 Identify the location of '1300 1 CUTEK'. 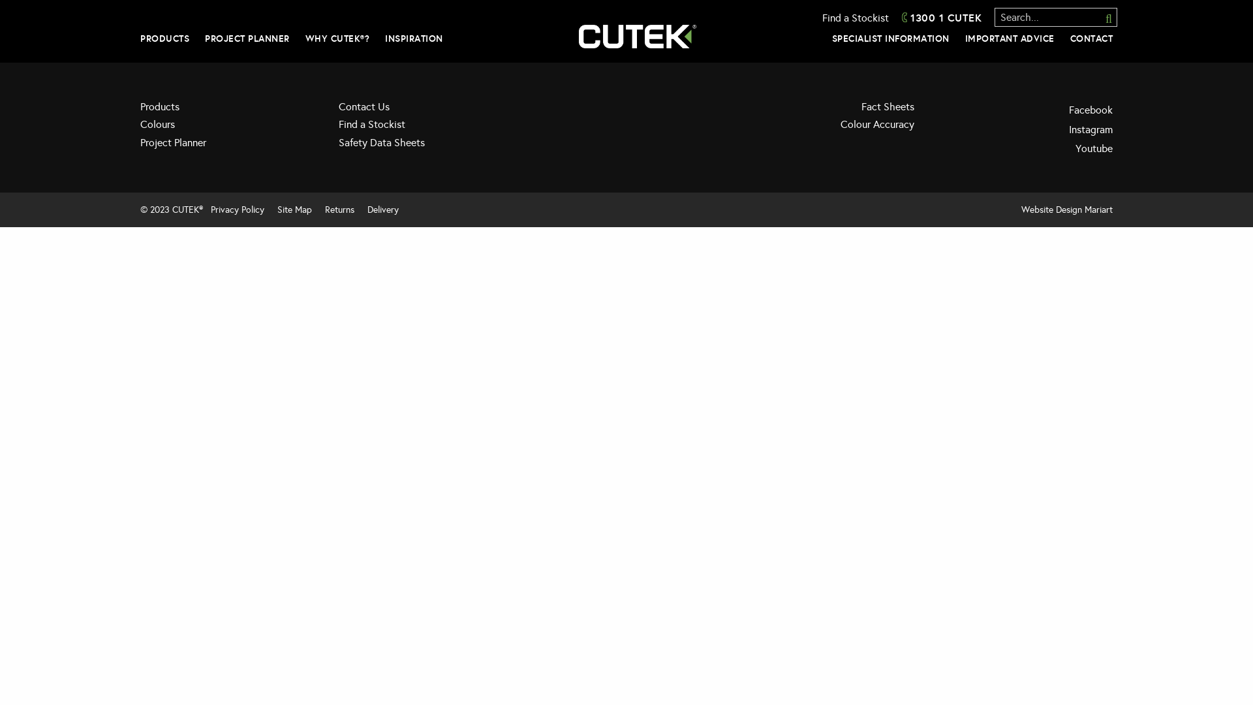
(901, 17).